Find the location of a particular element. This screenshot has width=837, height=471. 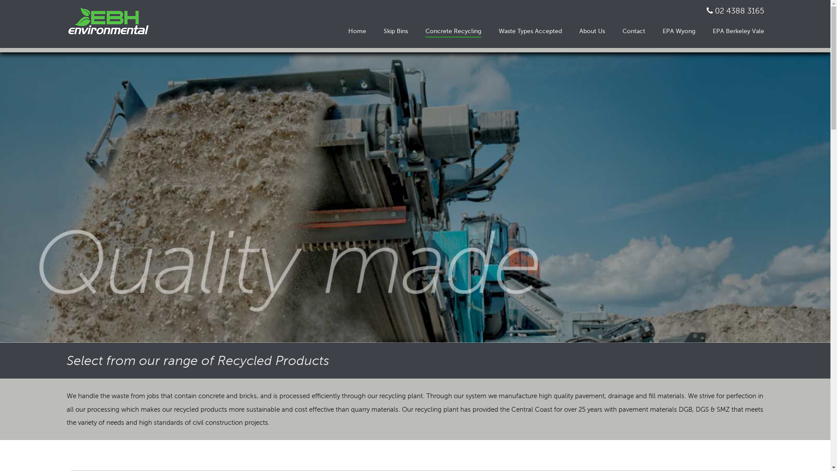

'Concrete Recycling' is located at coordinates (453, 31).